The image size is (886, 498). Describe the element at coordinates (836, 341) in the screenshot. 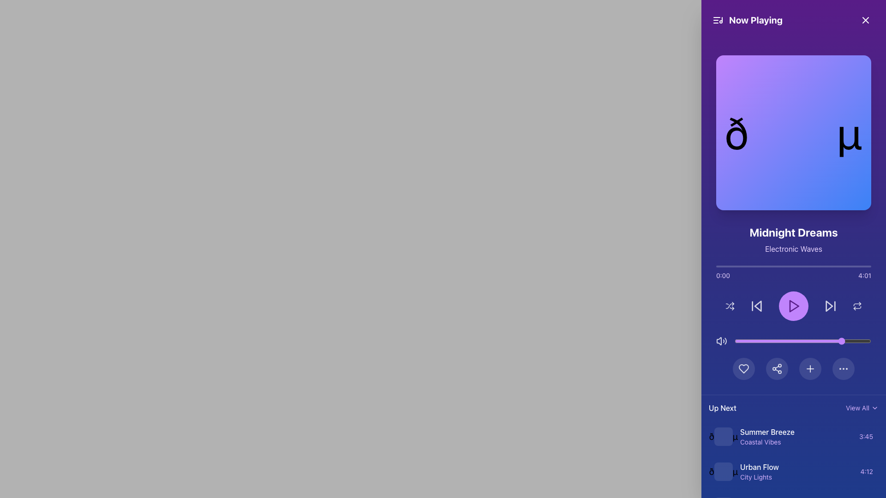

I see `slider value` at that location.